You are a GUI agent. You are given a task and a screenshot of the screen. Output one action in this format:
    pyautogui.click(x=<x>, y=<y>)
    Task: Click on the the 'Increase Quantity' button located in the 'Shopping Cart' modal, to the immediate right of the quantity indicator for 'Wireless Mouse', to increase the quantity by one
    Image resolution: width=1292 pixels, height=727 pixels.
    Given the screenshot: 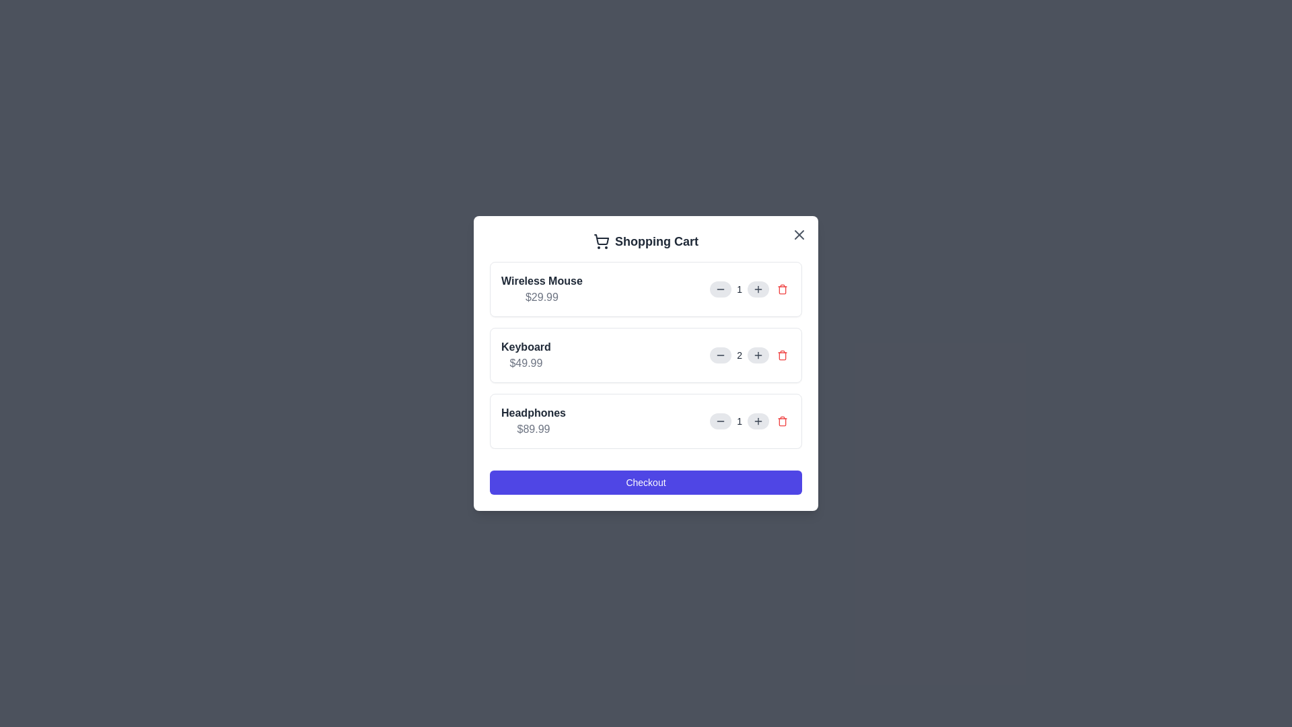 What is the action you would take?
    pyautogui.click(x=758, y=288)
    